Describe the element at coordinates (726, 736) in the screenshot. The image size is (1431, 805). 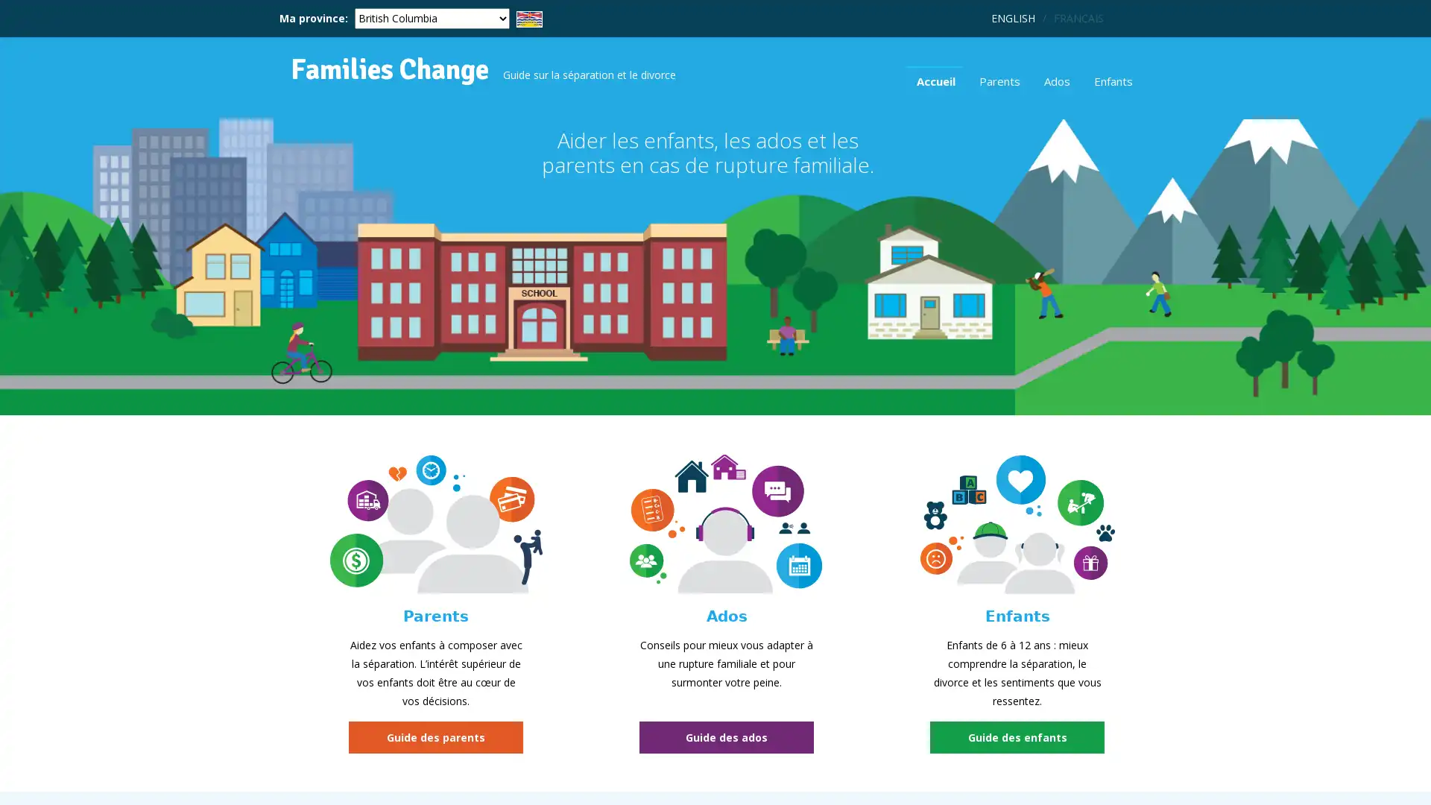
I see `Guide des ados` at that location.